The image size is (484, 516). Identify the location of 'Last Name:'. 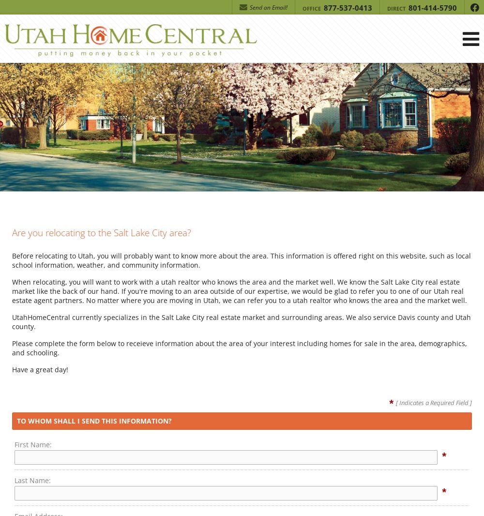
(32, 480).